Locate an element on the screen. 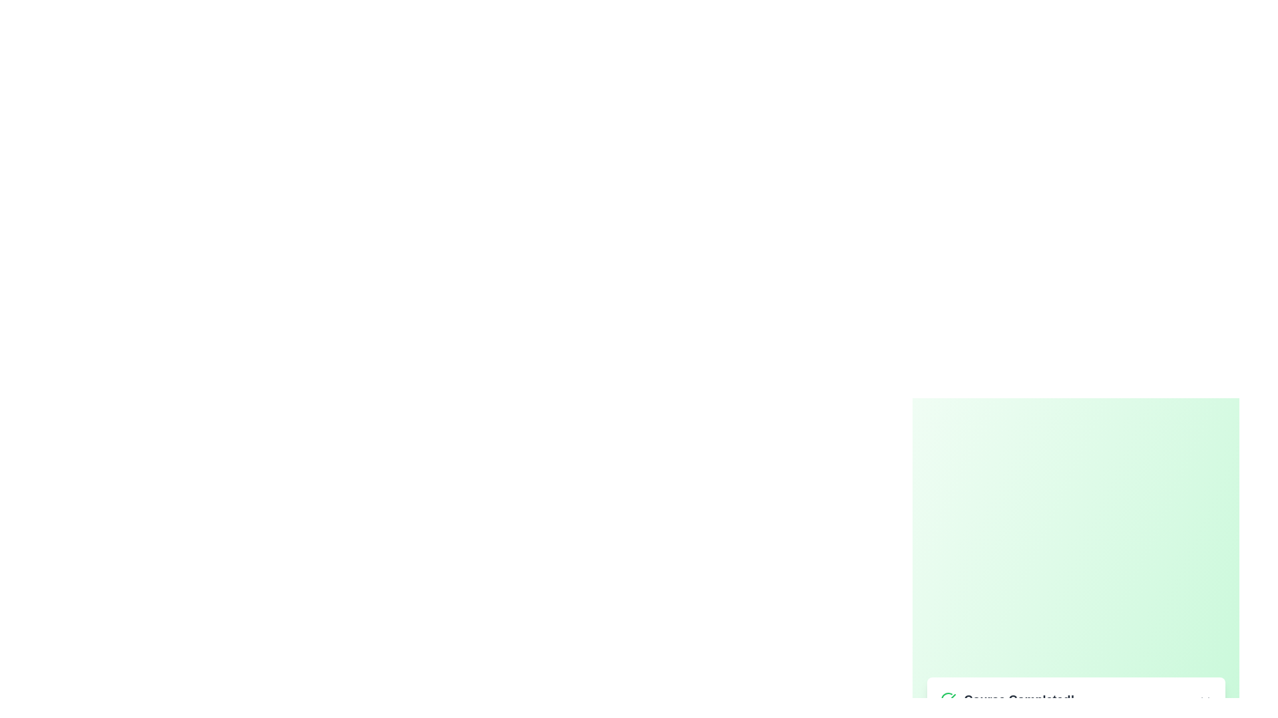  the X icon to display its tooltip or additional information is located at coordinates (1205, 701).